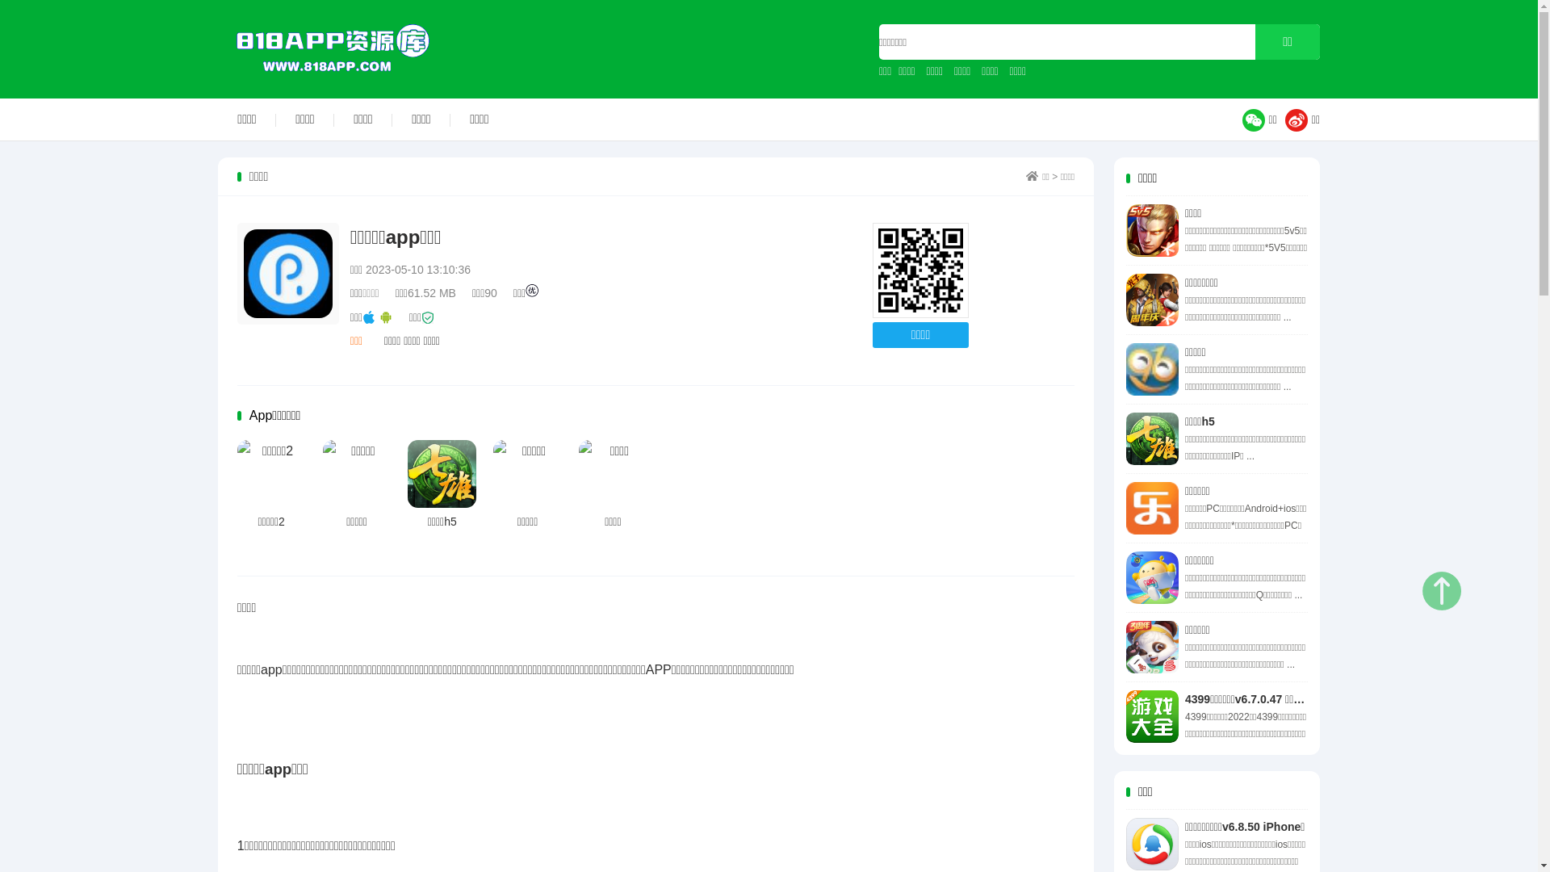 The image size is (1550, 872). Describe the element at coordinates (920, 270) in the screenshot. I see `'http://www.818app.com'` at that location.